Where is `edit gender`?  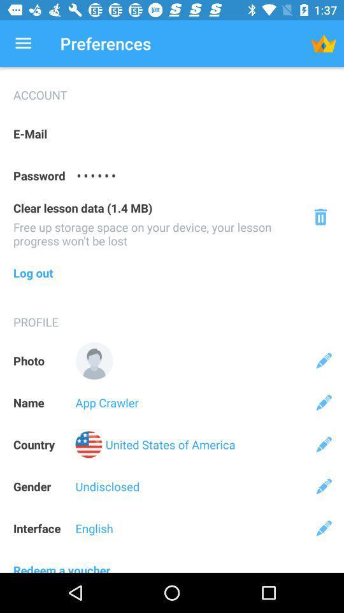
edit gender is located at coordinates (324, 485).